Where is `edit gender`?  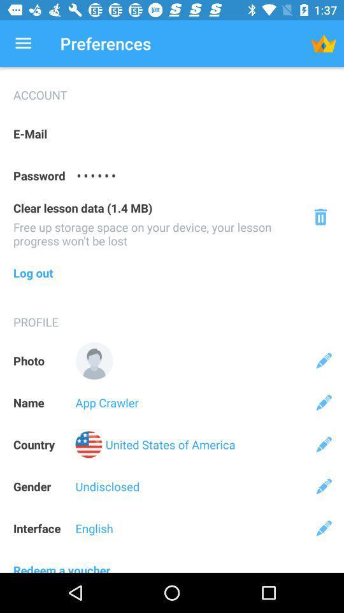
edit gender is located at coordinates (324, 485).